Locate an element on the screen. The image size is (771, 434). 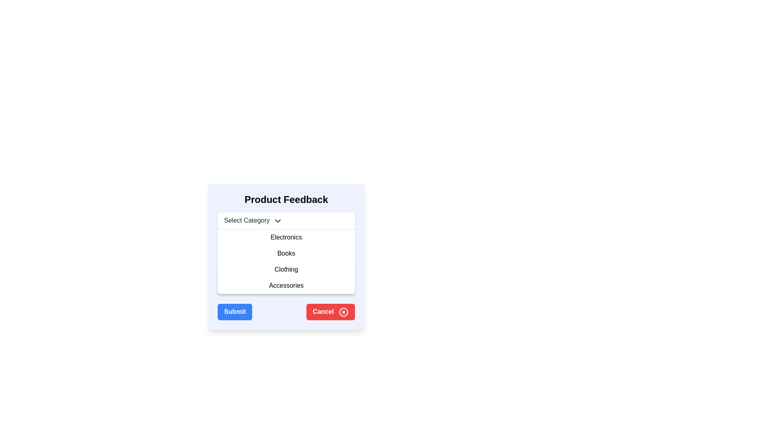
the star-shaped icon next to the label 'Books' in the dropdown list, which serves as an indicator for a favorite or highlighted item is located at coordinates (277, 255).